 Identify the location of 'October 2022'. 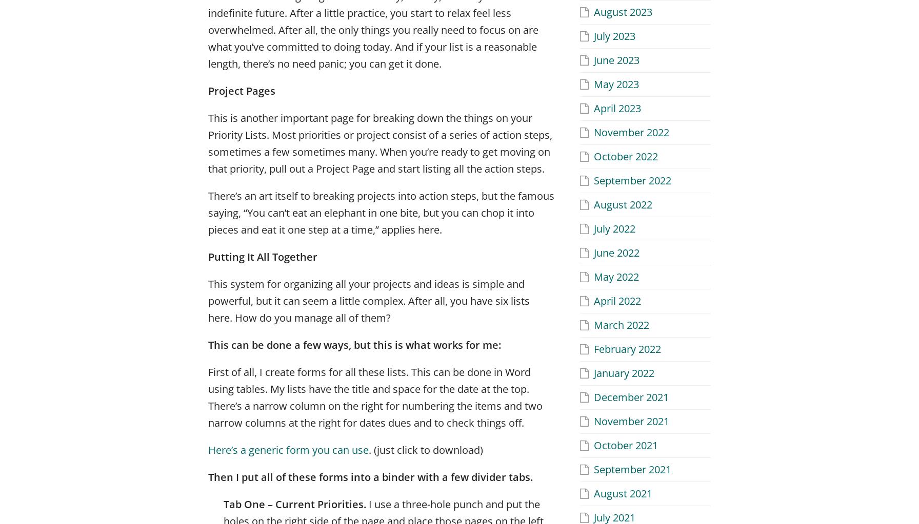
(626, 155).